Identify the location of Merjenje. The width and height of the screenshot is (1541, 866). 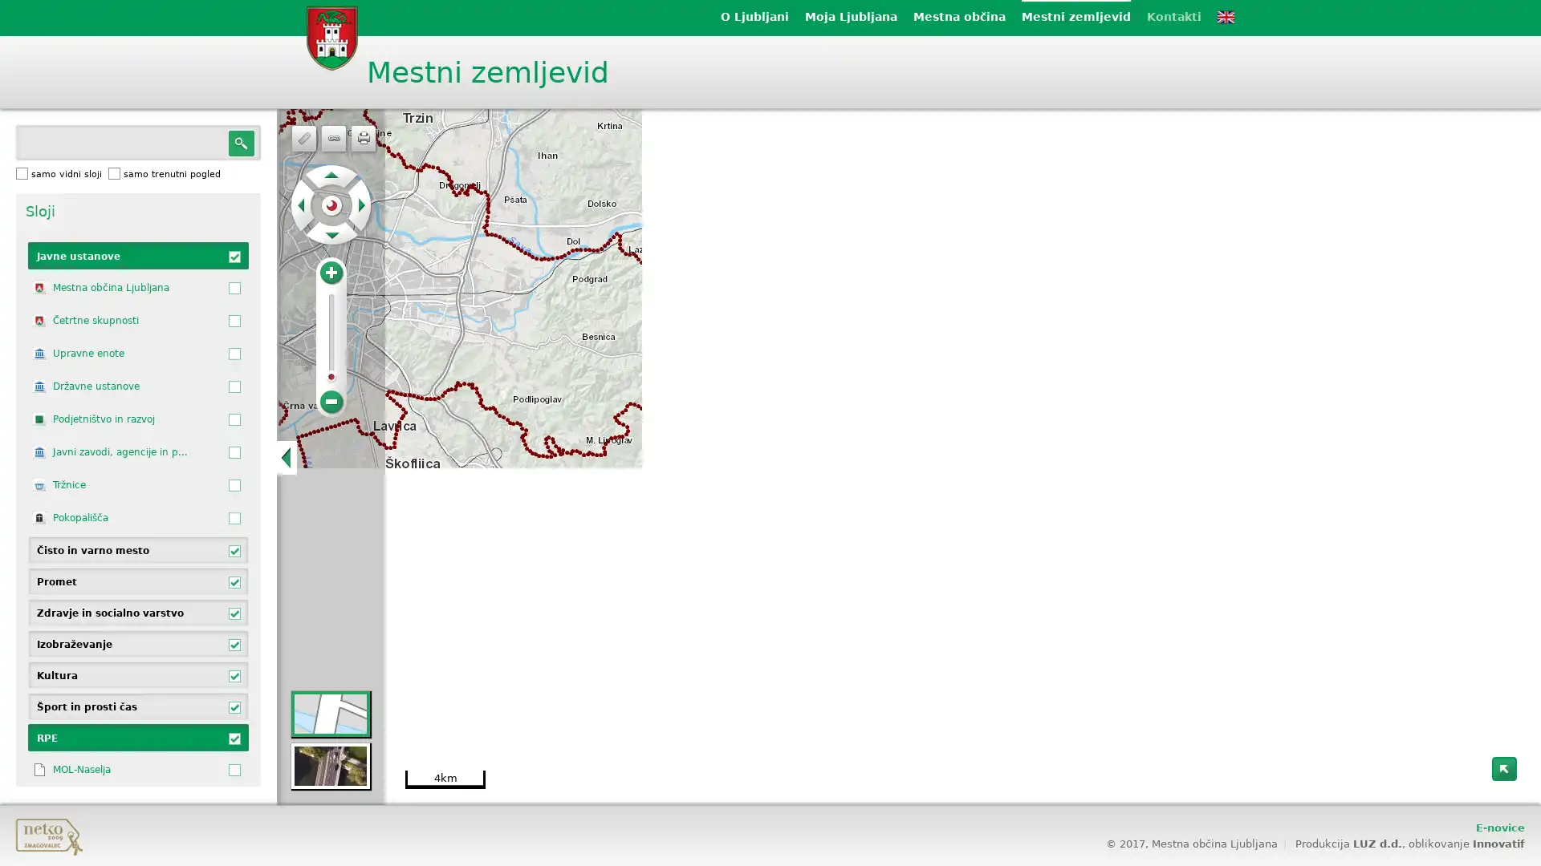
(304, 137).